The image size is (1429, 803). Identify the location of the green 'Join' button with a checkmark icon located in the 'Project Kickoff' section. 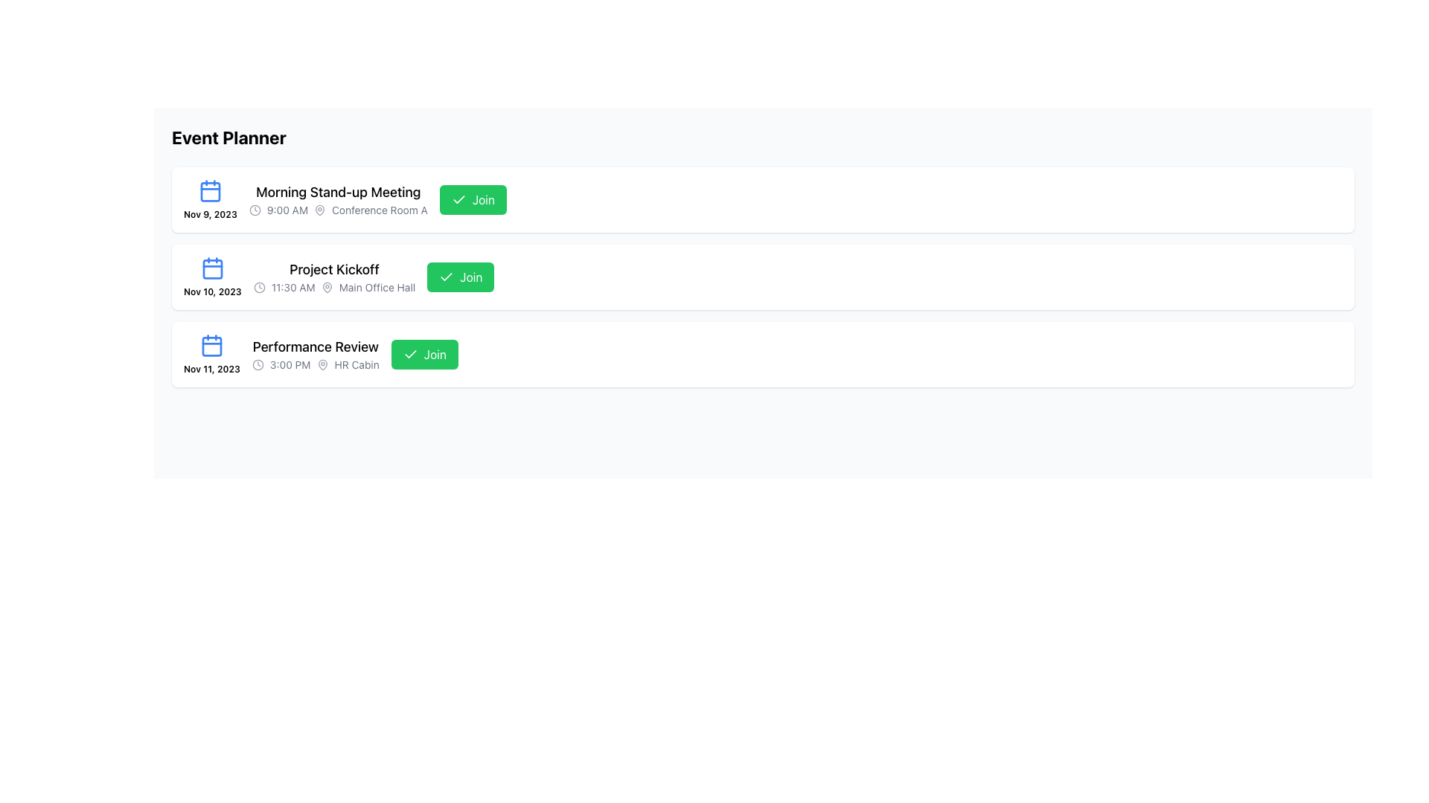
(460, 277).